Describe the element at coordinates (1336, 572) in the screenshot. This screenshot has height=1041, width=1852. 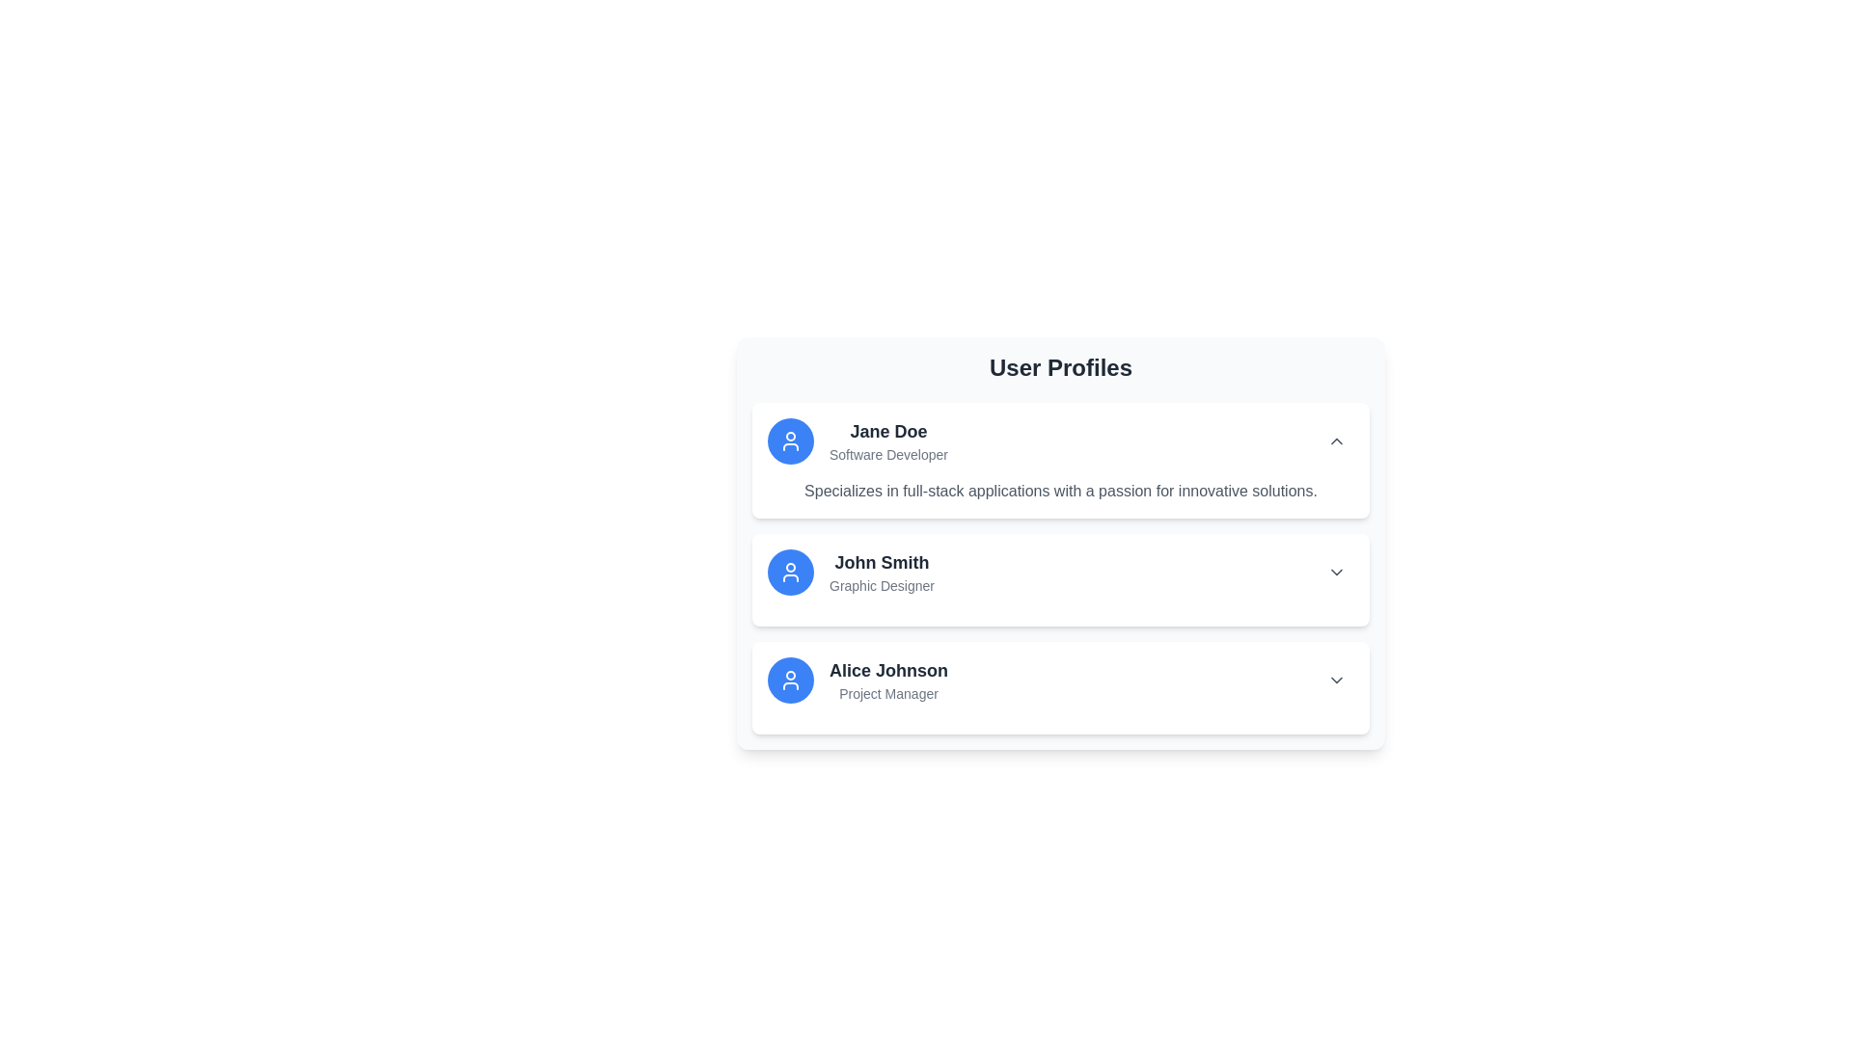
I see `the downward-pointing chevron icon indicating a dropdown menu next to 'John Smith' under 'User Profiles'` at that location.